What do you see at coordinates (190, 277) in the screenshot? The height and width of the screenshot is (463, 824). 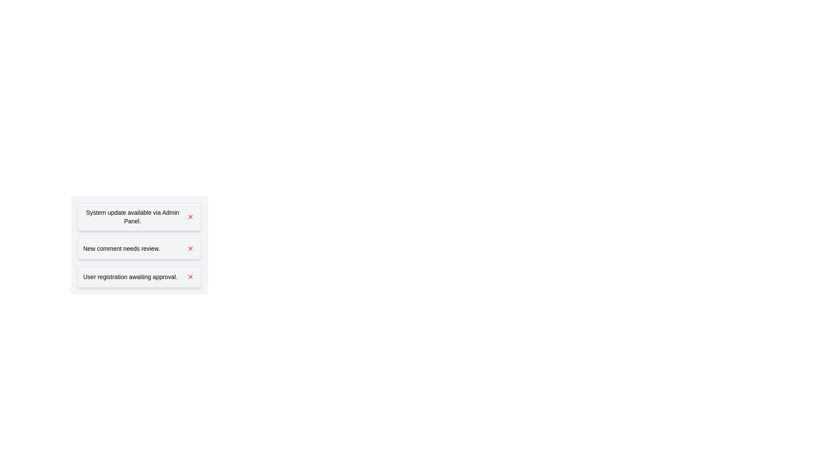 I see `the dismiss button located in the top-right corner of the third notification card, adjacent to the text 'User registration awaiting approval'` at bounding box center [190, 277].